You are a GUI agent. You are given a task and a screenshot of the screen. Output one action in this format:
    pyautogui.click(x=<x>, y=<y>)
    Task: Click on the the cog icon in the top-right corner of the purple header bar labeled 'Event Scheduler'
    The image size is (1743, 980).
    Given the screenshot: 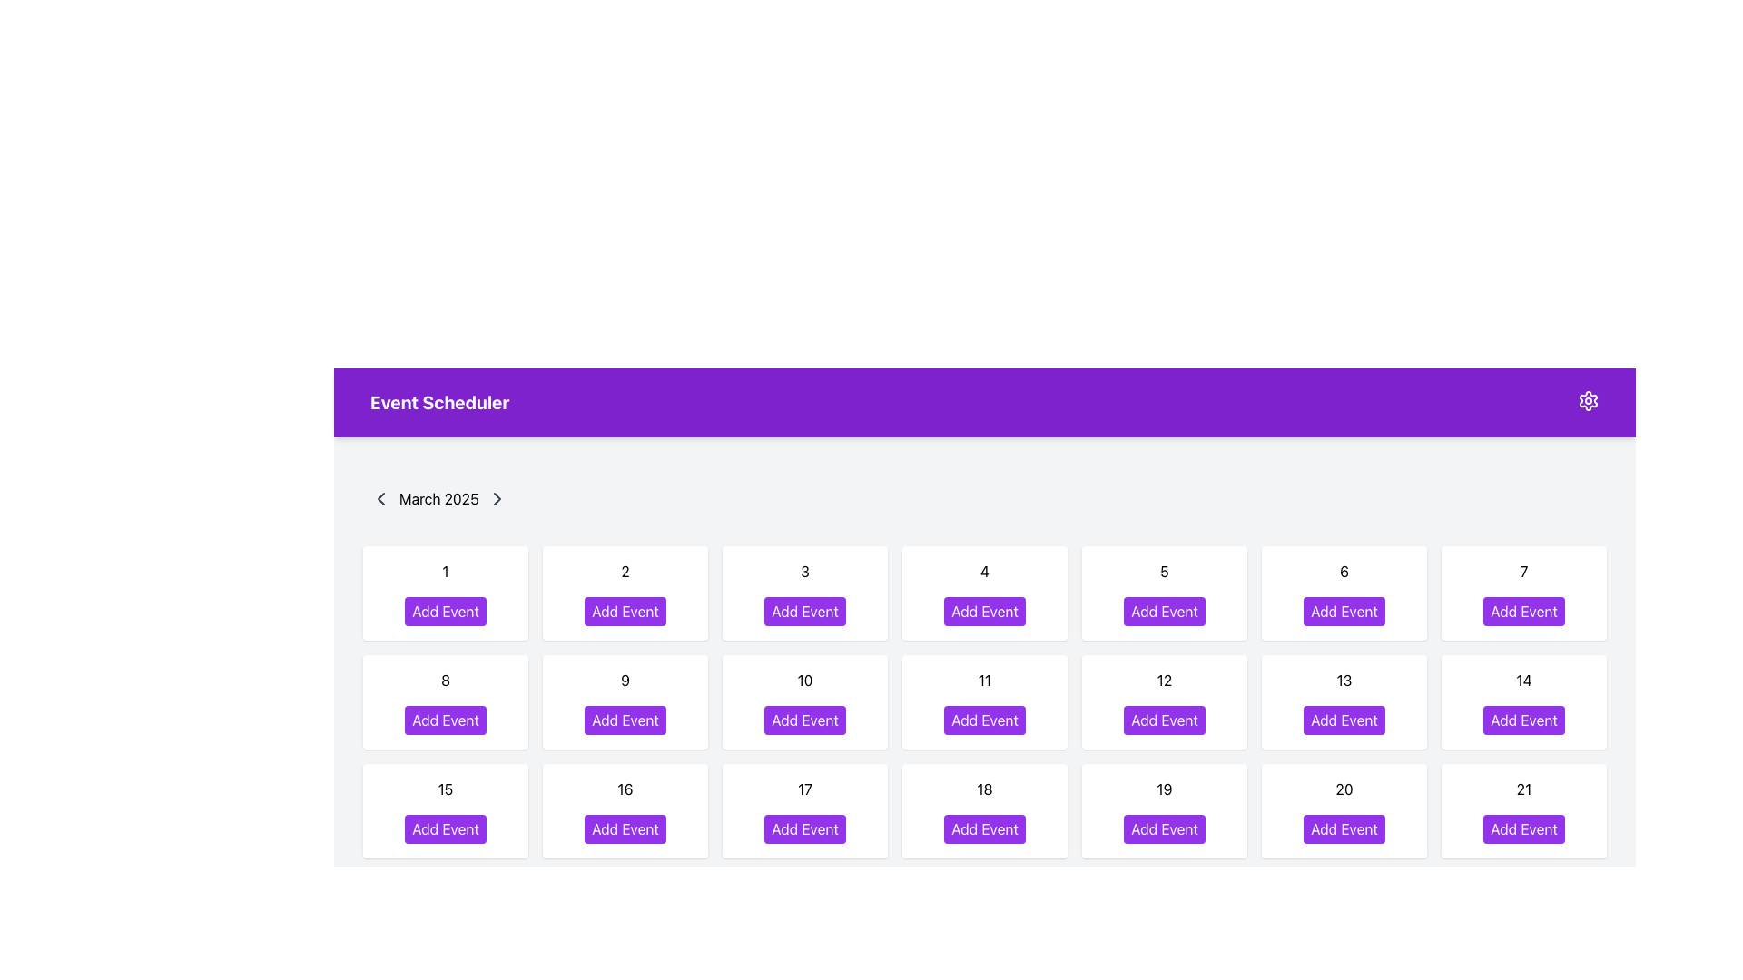 What is the action you would take?
    pyautogui.click(x=1588, y=400)
    